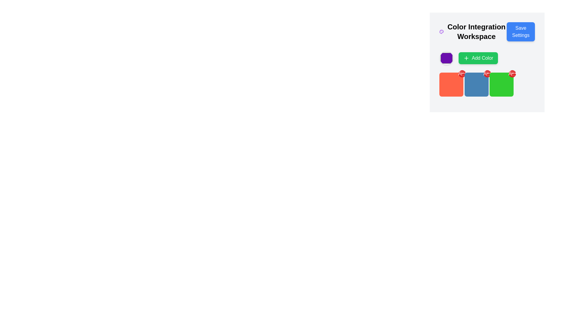  What do you see at coordinates (441, 31) in the screenshot?
I see `the small, purple-colored palette icon located at the top-left of the 'Color Integration Workspace' section, next to the title text and adjacent to the blue 'Save Settings' button` at bounding box center [441, 31].